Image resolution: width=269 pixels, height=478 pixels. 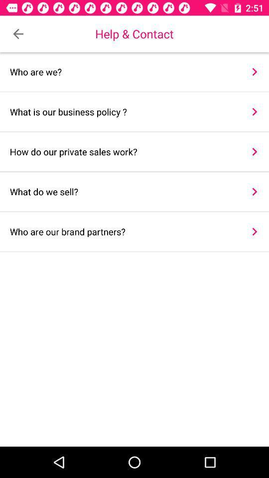 What do you see at coordinates (123, 151) in the screenshot?
I see `the icon below what is our item` at bounding box center [123, 151].